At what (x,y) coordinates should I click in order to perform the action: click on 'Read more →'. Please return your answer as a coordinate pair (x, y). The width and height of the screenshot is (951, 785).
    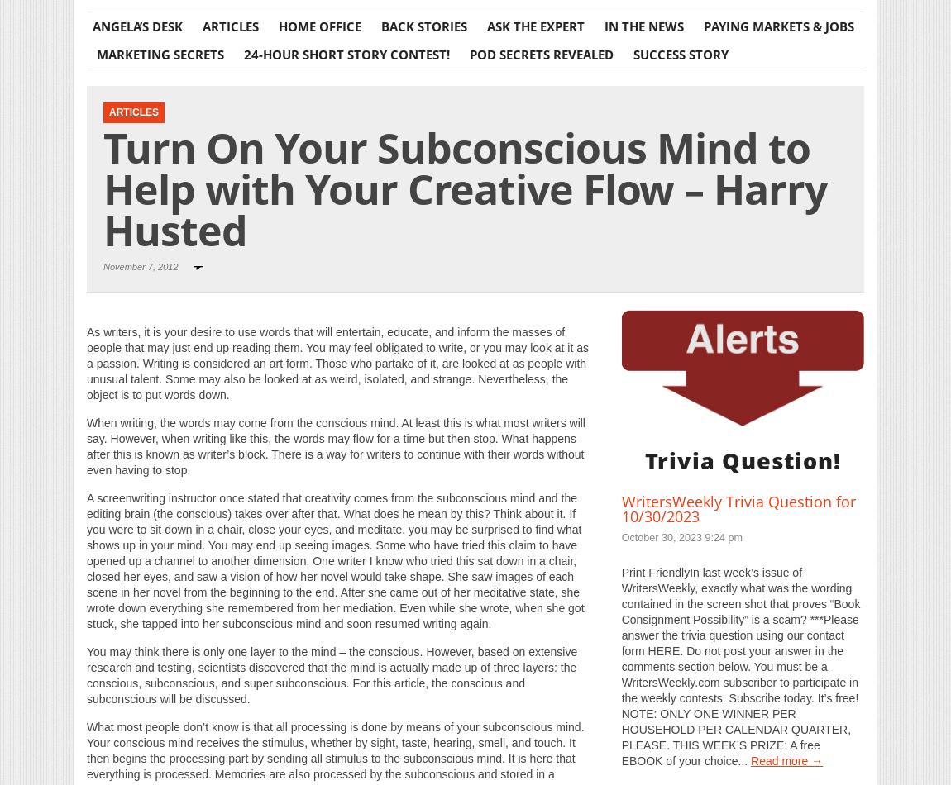
    Looking at the image, I should click on (786, 759).